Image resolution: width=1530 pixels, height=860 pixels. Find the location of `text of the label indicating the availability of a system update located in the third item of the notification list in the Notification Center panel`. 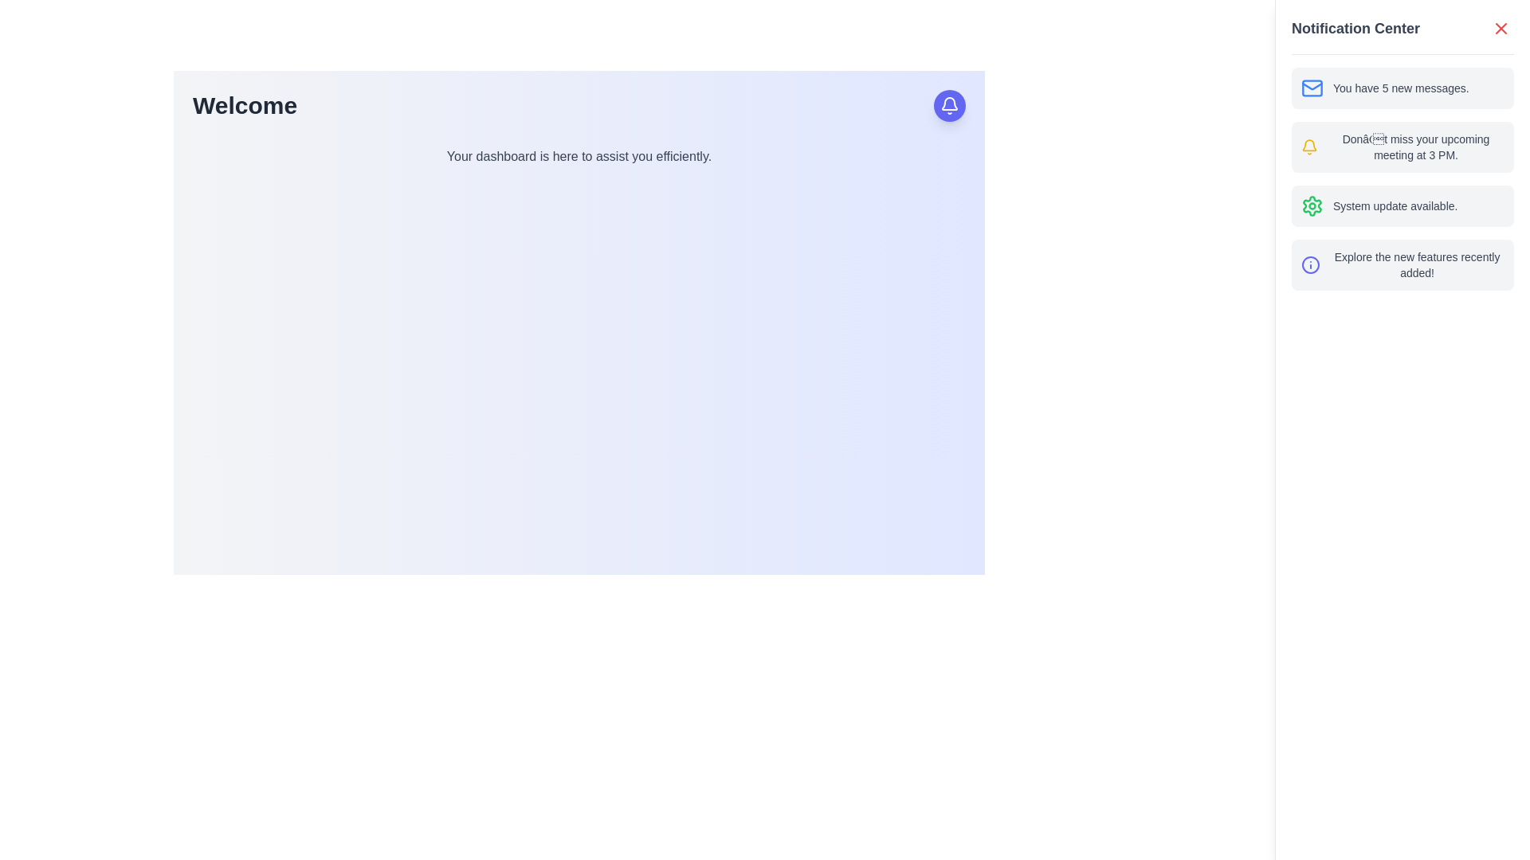

text of the label indicating the availability of a system update located in the third item of the notification list in the Notification Center panel is located at coordinates (1395, 205).